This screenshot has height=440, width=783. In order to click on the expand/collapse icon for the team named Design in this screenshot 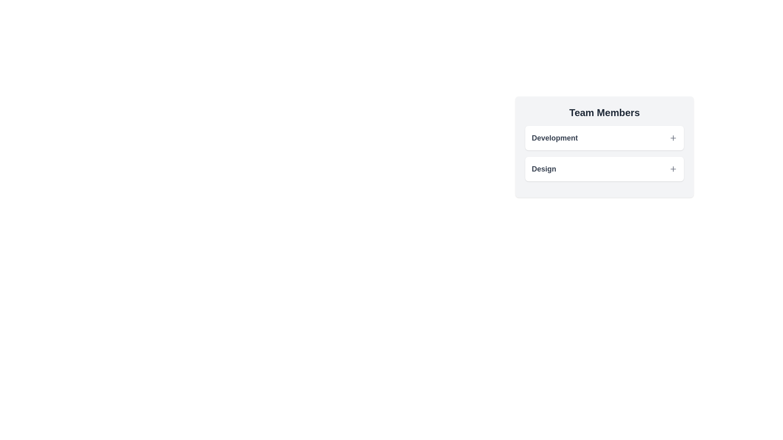, I will do `click(673, 169)`.